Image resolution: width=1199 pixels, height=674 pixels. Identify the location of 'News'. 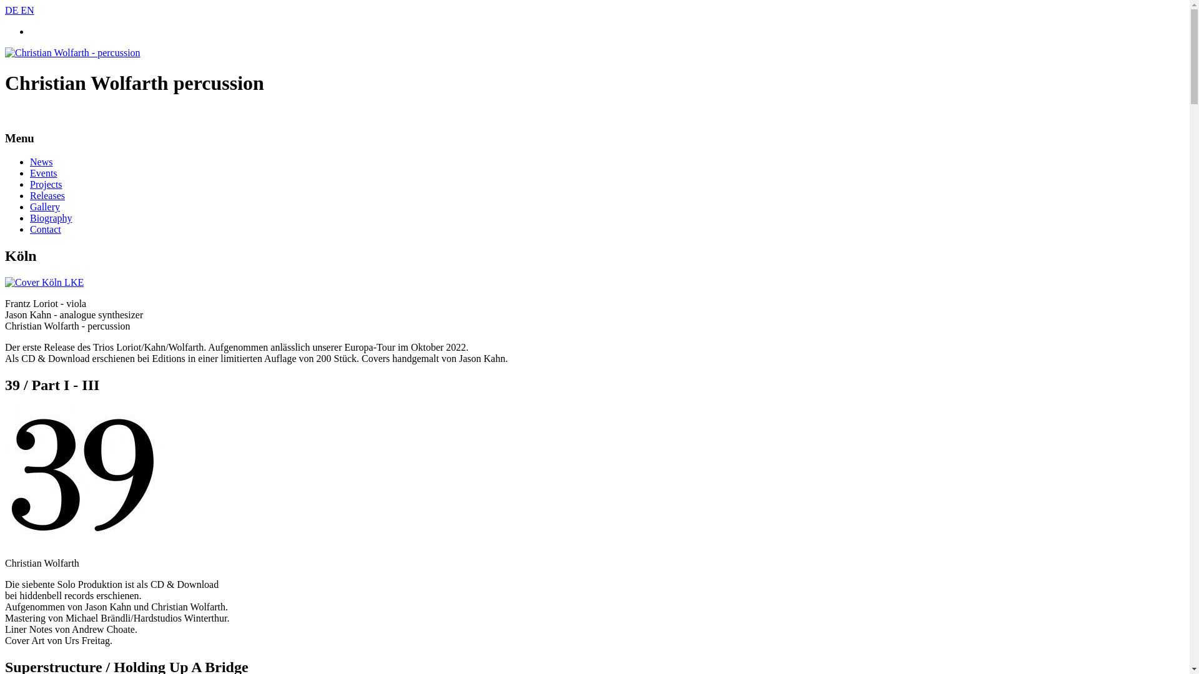
(41, 161).